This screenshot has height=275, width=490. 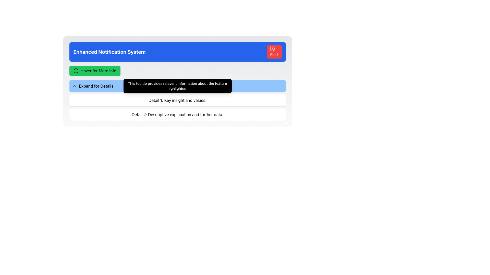 I want to click on the informational text label that provides a directive to expand details, located within a blue rectangular section, centered horizontally with an arrow icon on its left, so click(x=95, y=86).